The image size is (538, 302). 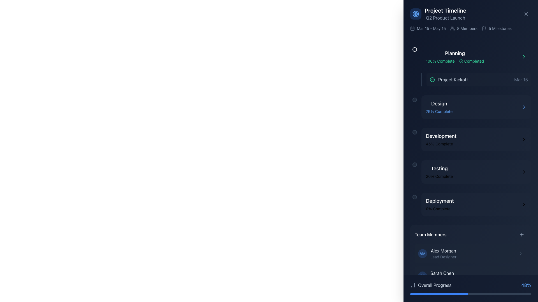 What do you see at coordinates (449, 80) in the screenshot?
I see `the 'Project Kickoff' label with the green checkmark status indicator, which signifies that the task has been completed in the 'Planning' section of the timeline interface` at bounding box center [449, 80].